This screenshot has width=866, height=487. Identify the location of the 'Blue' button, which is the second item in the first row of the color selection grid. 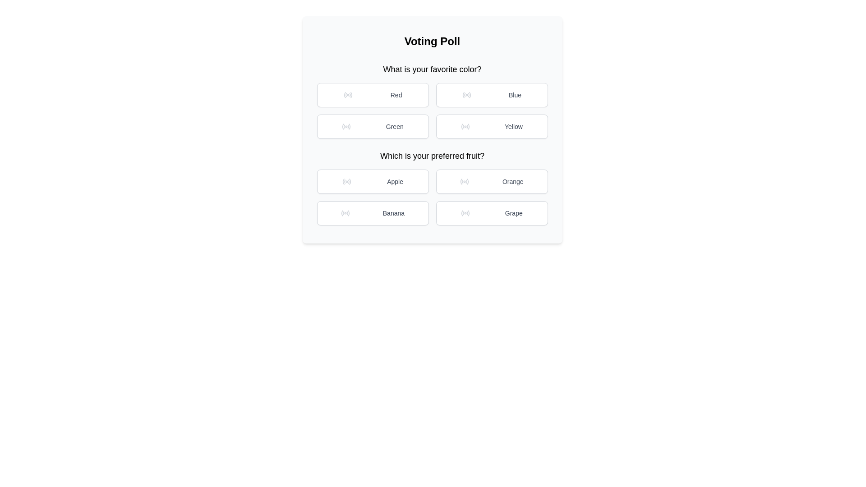
(491, 95).